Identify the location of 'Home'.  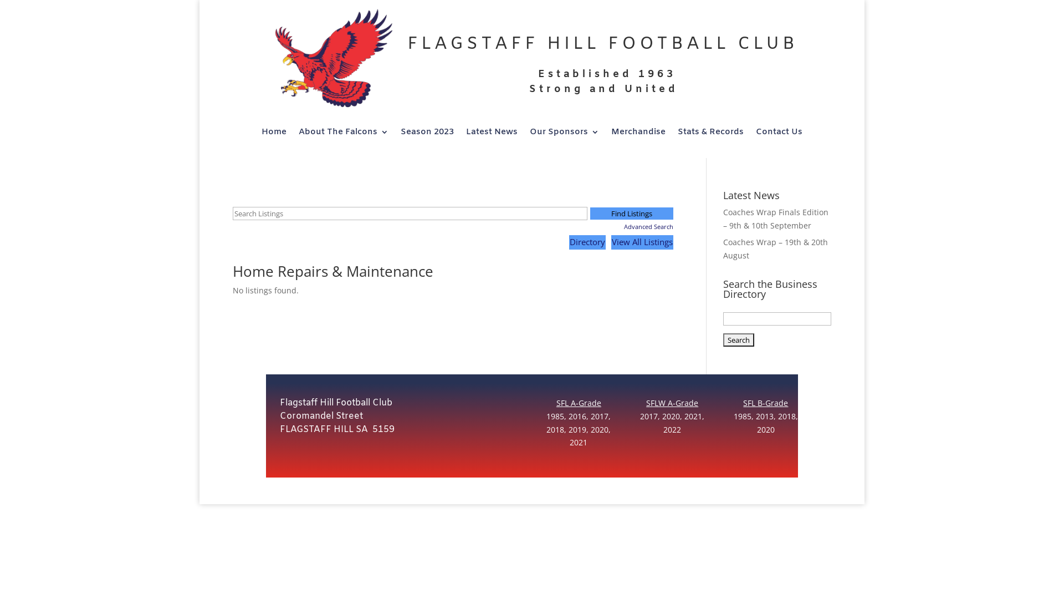
(274, 134).